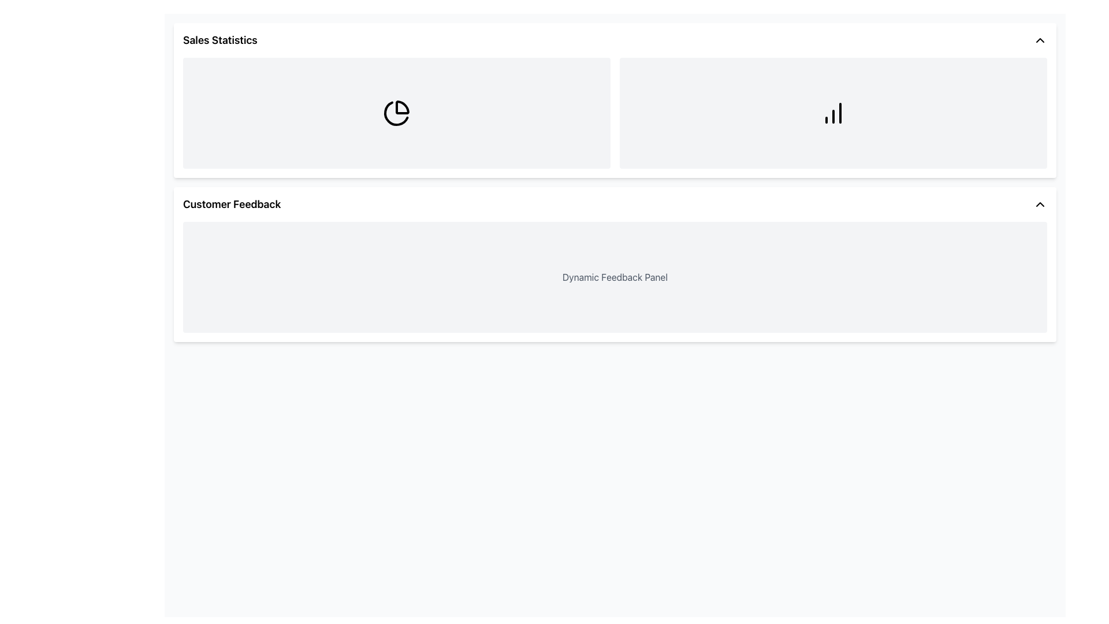 The width and height of the screenshot is (1109, 624). Describe the element at coordinates (1040, 39) in the screenshot. I see `the upward-pointing chevron icon located at the far-right edge of the 'Sales Statistics' section` at that location.